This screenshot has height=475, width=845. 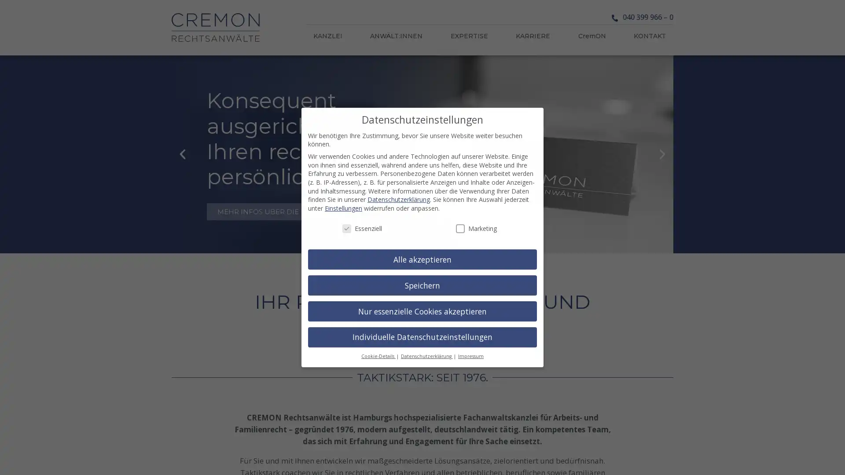 What do you see at coordinates (427, 245) in the screenshot?
I see `Go to slide 2` at bounding box center [427, 245].